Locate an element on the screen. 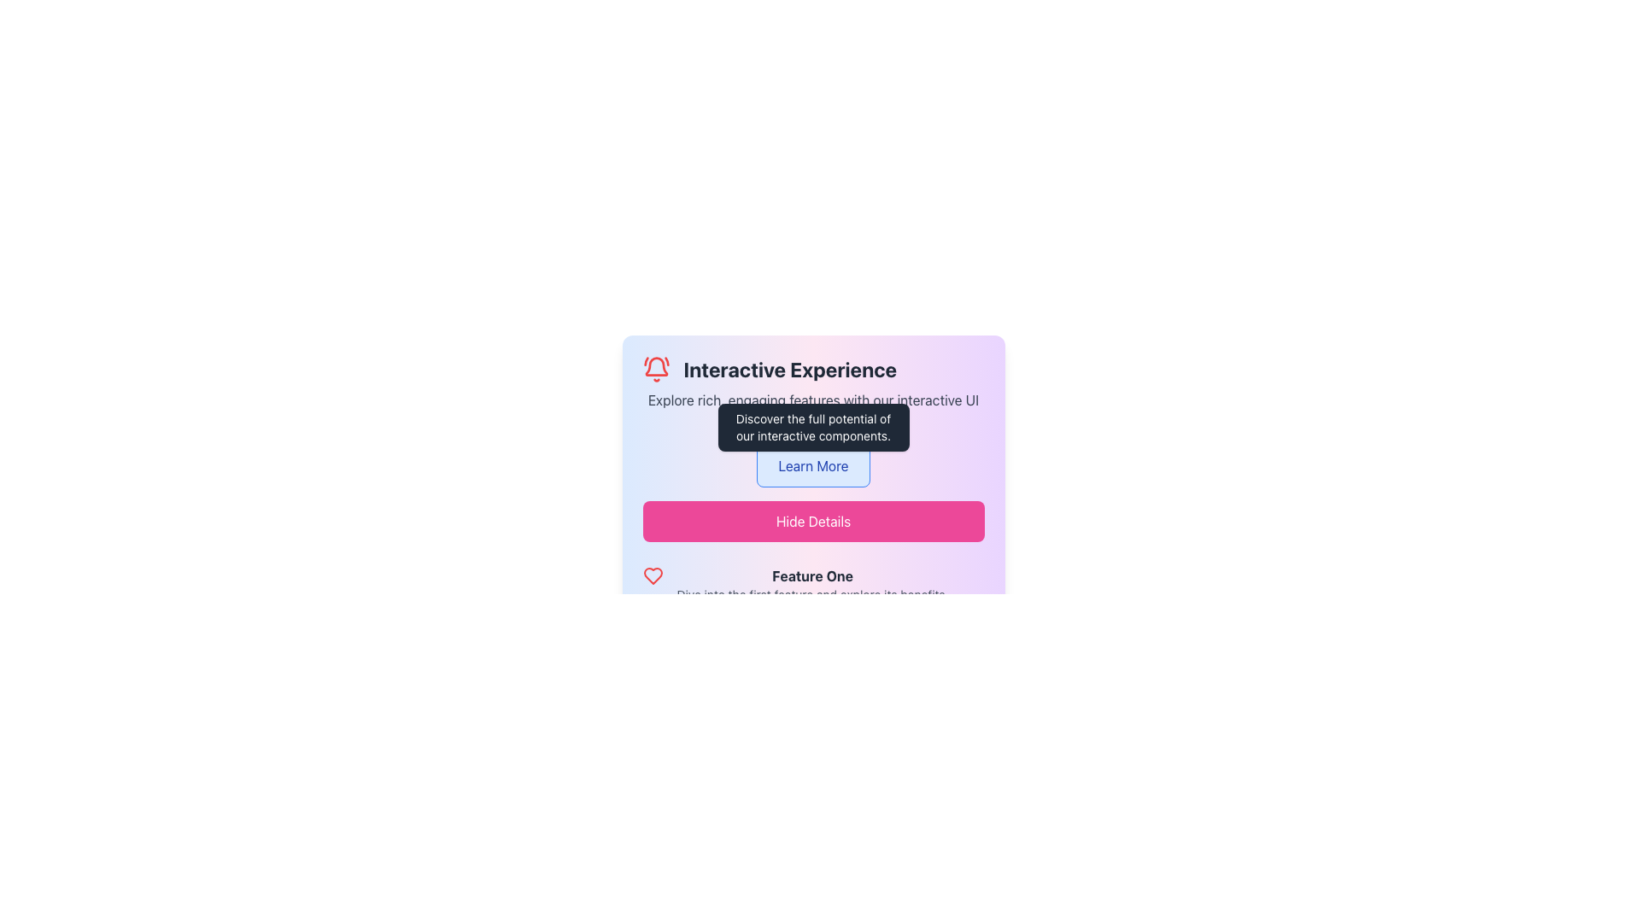  the subtitle element located beneath the 'Feature One' title, which provides additional description for the section is located at coordinates (811, 594).